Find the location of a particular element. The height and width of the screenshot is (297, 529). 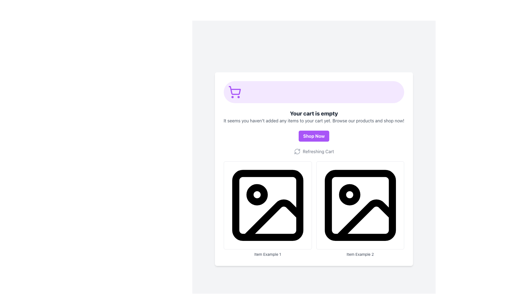

the small rectangular shape with rounded corners that resembles a photo icon, located in the 'Item Example 1' box is located at coordinates (268, 205).